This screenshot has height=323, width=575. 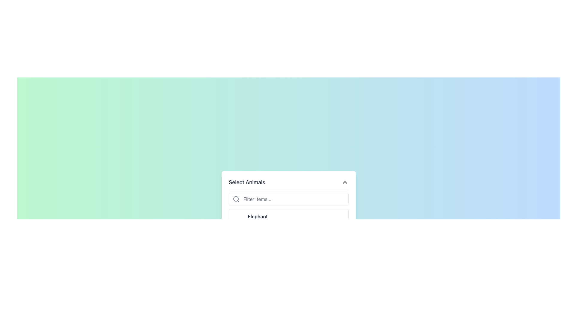 What do you see at coordinates (258, 216) in the screenshot?
I see `text content of the 'Elephant' label located in the 'Select Animals' dropdown, which is styled with a bold, dark gray font` at bounding box center [258, 216].